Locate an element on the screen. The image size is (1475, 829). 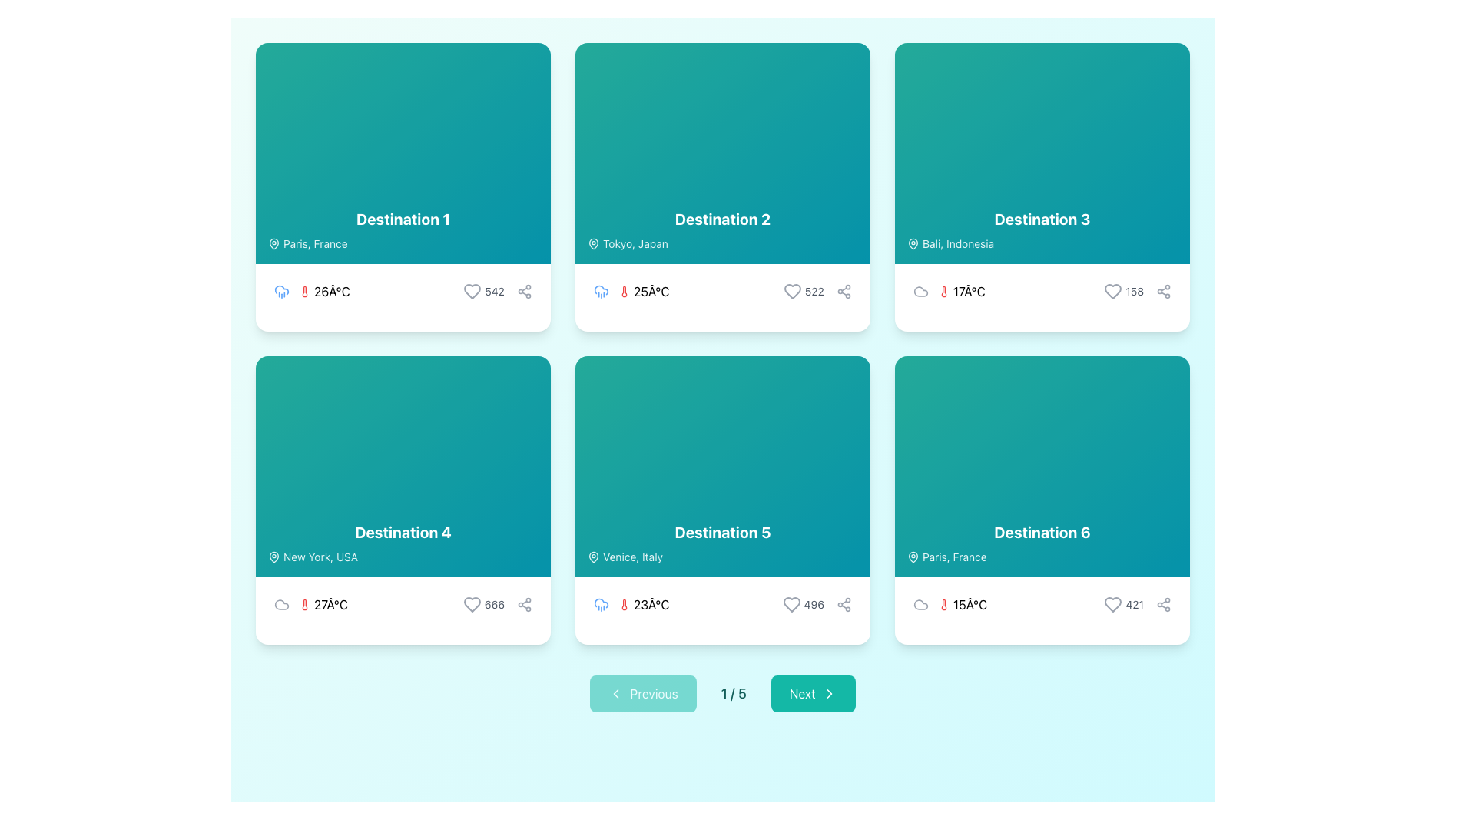
the compact thermometer-like icon styled in red located within the lower text section of the card labeled 'Destination 6', positioned on the right column of the second row in the grid layout is located at coordinates (943, 603).